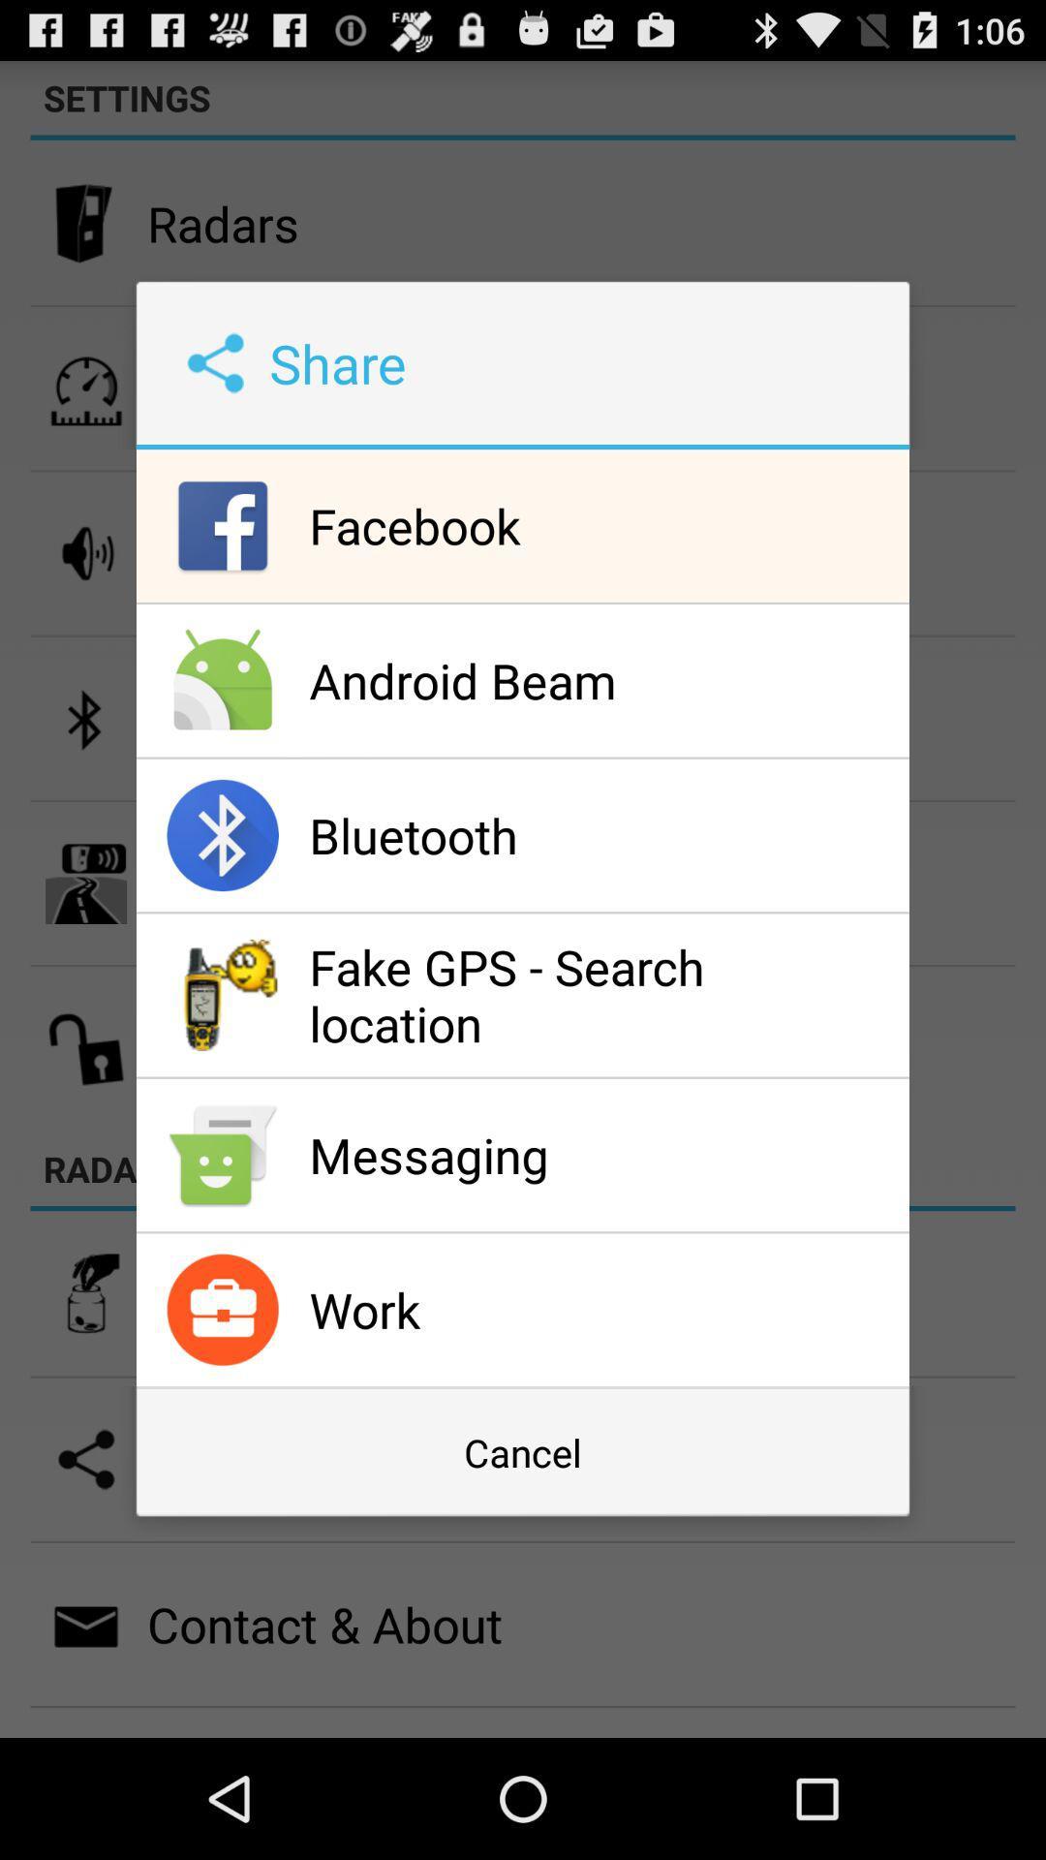  Describe the element at coordinates (603, 680) in the screenshot. I see `the android beam` at that location.